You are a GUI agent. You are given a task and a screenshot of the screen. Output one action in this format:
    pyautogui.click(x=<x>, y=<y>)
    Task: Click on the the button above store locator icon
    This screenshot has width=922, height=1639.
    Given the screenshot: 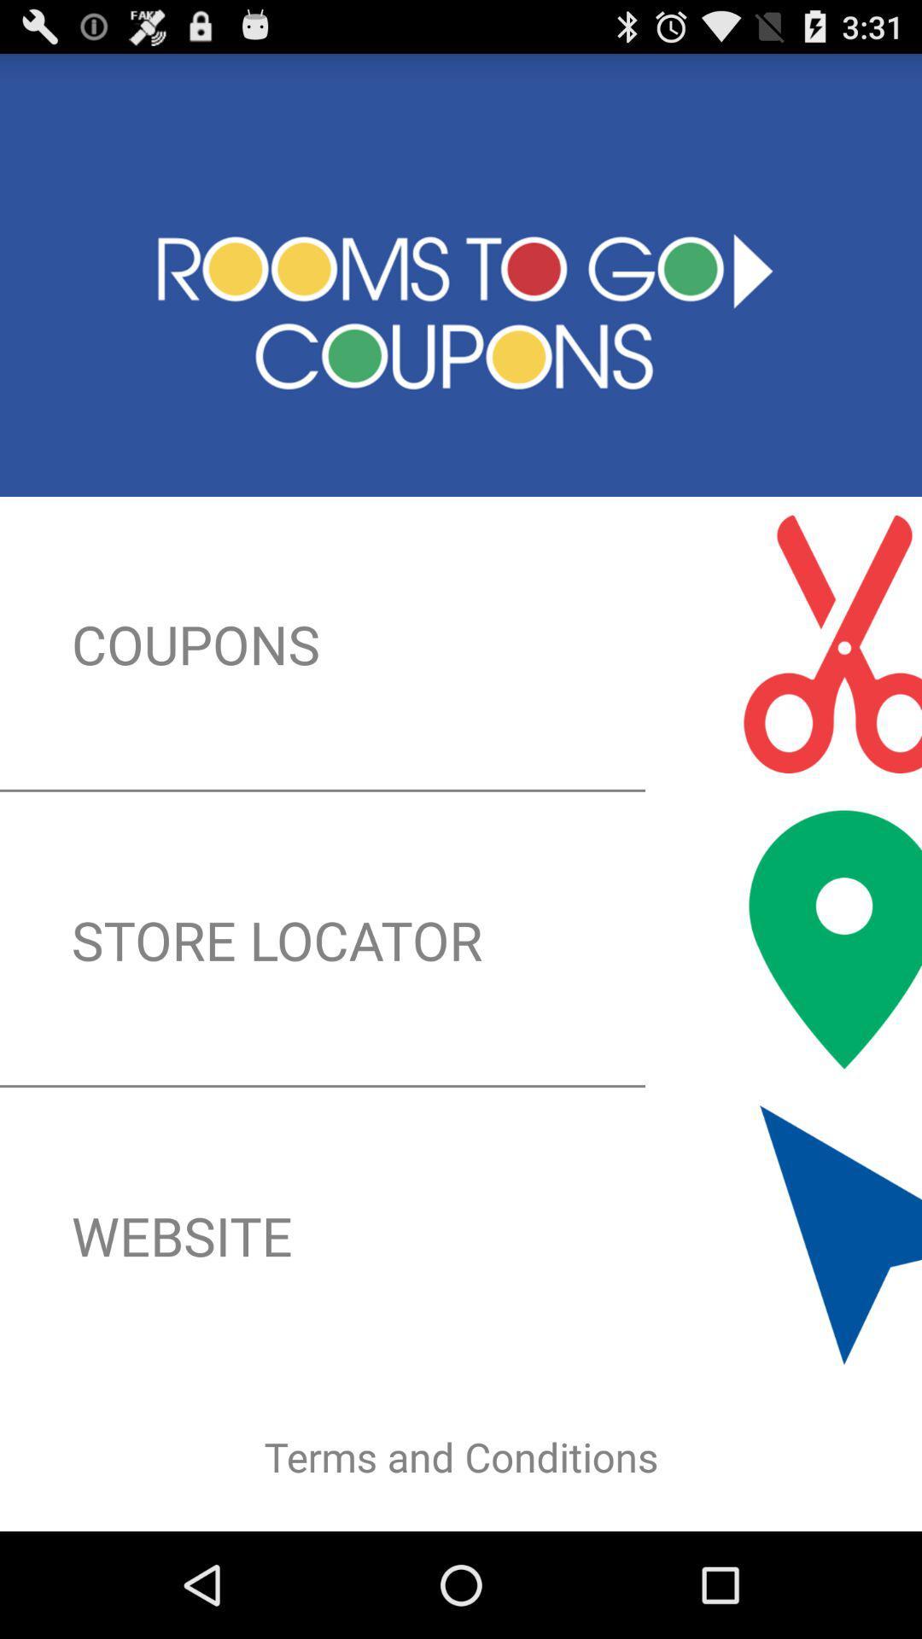 What is the action you would take?
    pyautogui.click(x=461, y=643)
    